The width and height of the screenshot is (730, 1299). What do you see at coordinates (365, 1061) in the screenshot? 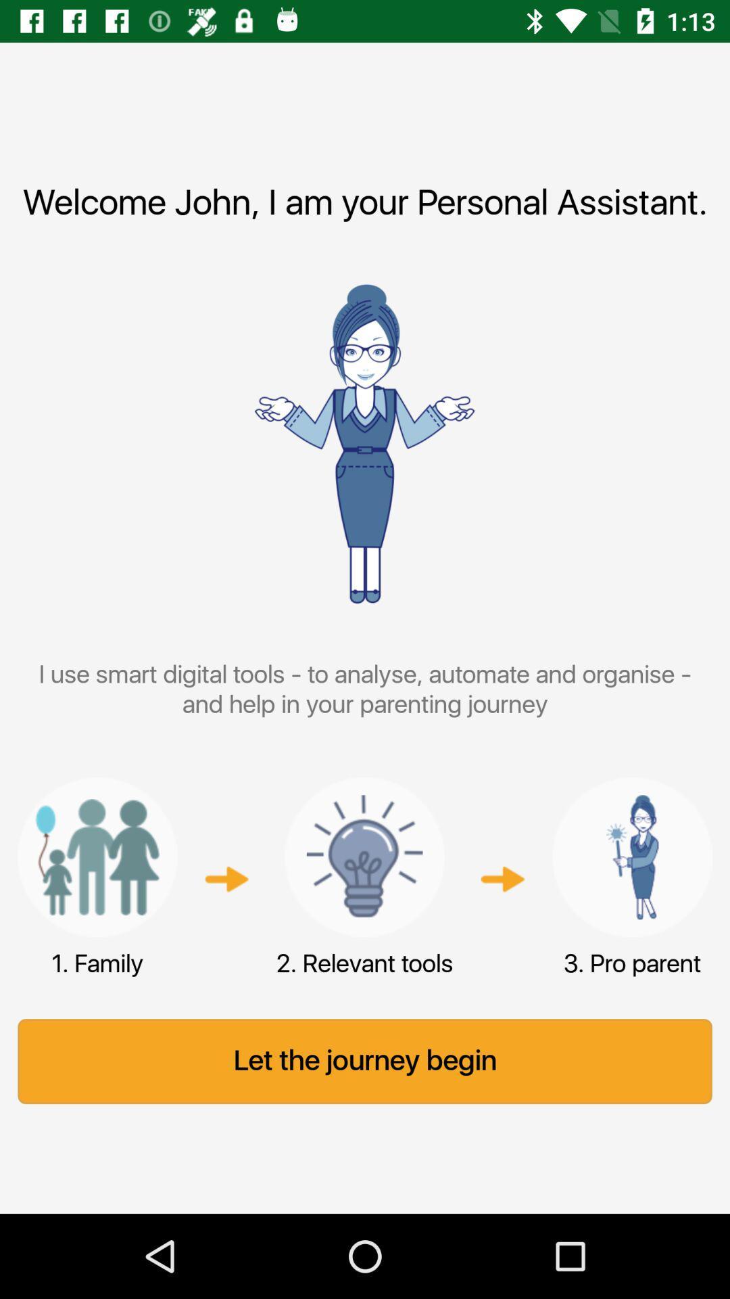
I see `let the journey icon` at bounding box center [365, 1061].